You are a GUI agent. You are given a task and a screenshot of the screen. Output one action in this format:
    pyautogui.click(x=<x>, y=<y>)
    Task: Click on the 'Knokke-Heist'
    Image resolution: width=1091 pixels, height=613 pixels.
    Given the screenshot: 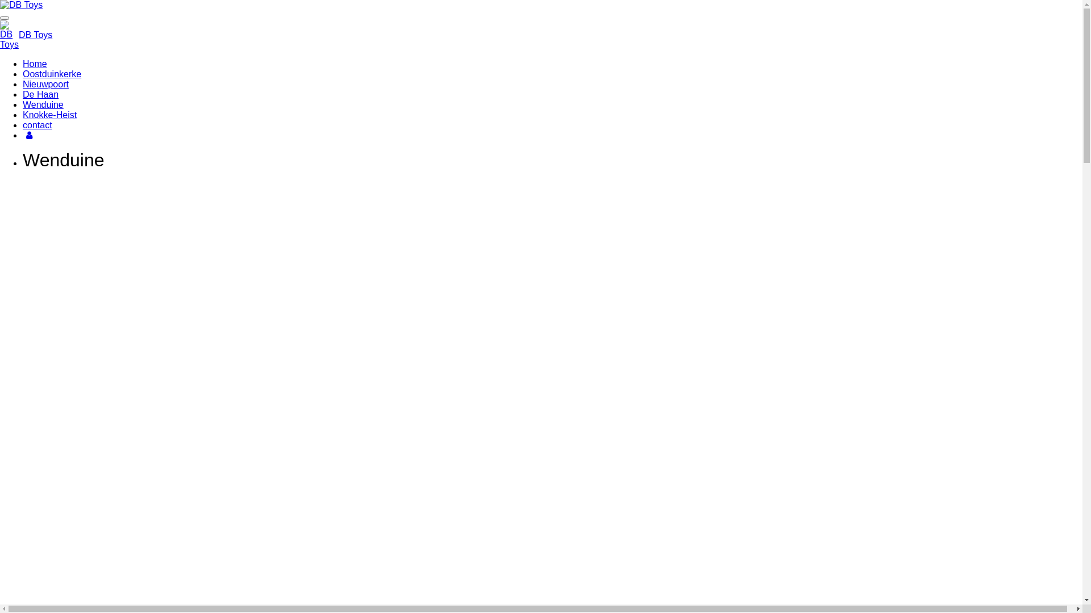 What is the action you would take?
    pyautogui.click(x=49, y=115)
    